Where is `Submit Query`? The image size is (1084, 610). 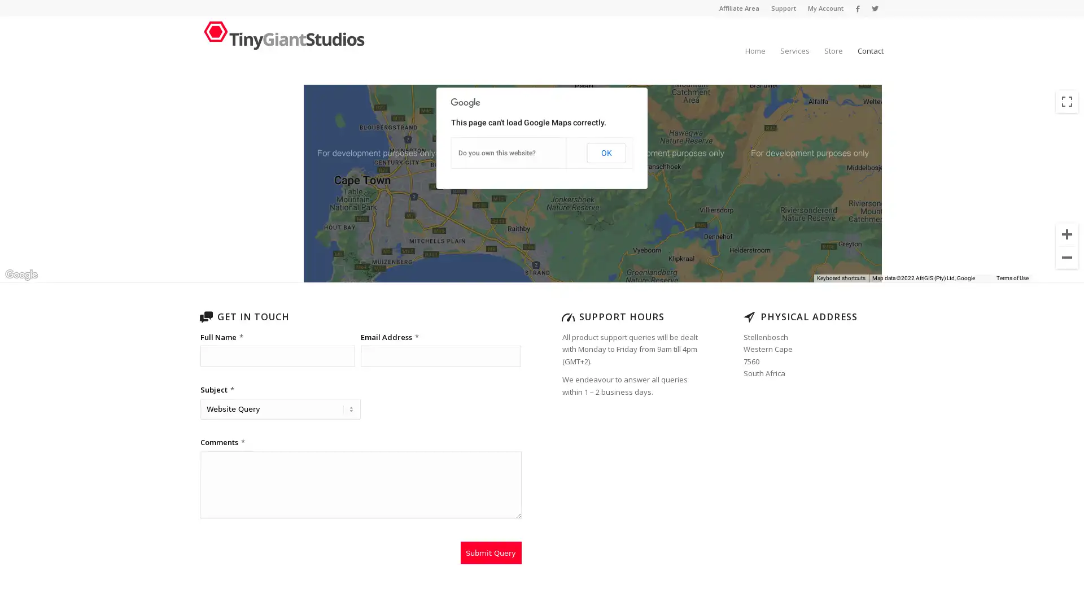 Submit Query is located at coordinates (491, 552).